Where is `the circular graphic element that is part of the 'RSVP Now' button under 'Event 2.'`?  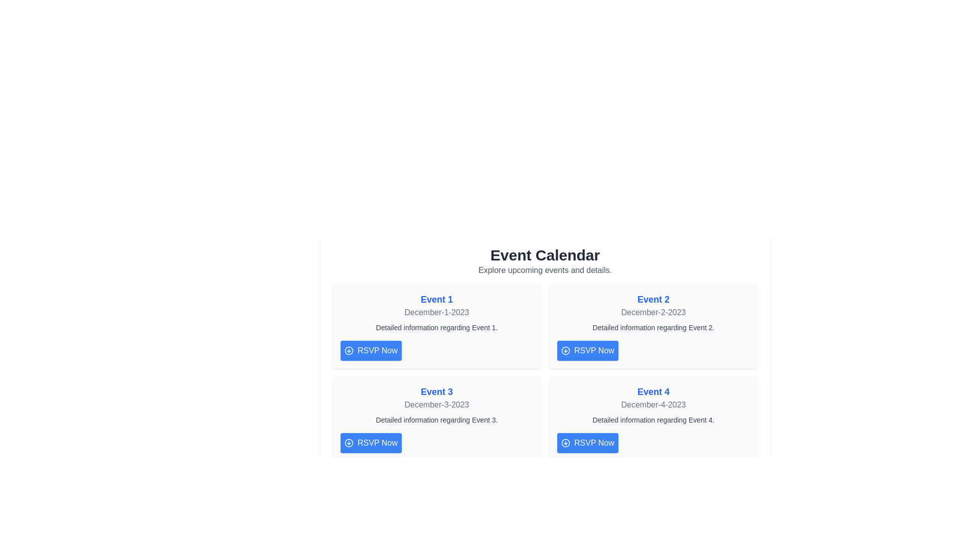
the circular graphic element that is part of the 'RSVP Now' button under 'Event 2.' is located at coordinates (566, 350).